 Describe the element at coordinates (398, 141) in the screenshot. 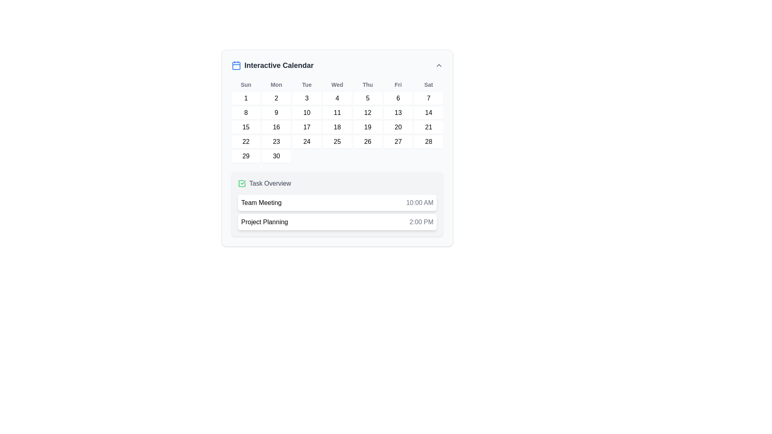

I see `the interactive calendar day box located in the seventh column of the fourth row` at that location.